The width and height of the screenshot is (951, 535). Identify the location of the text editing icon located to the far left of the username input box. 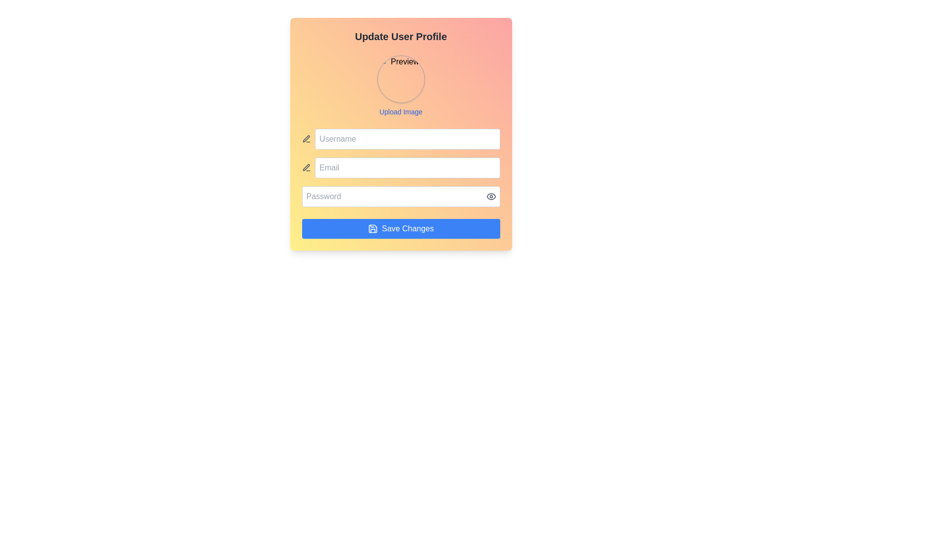
(306, 139).